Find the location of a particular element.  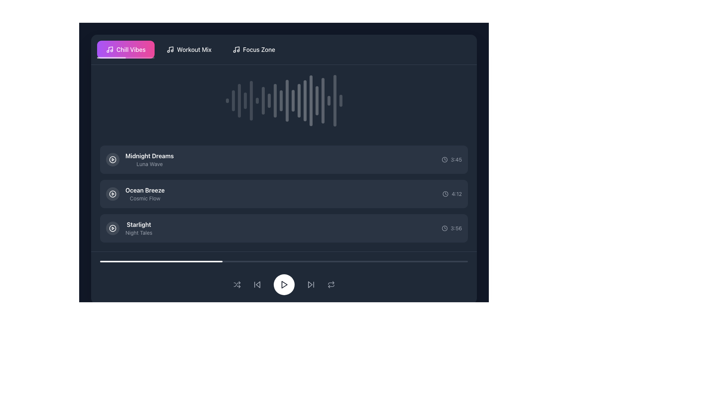

the forward-skip button located in the bottom control bar, which is the fourth icon from the left, to observe a visual change is located at coordinates (311, 285).